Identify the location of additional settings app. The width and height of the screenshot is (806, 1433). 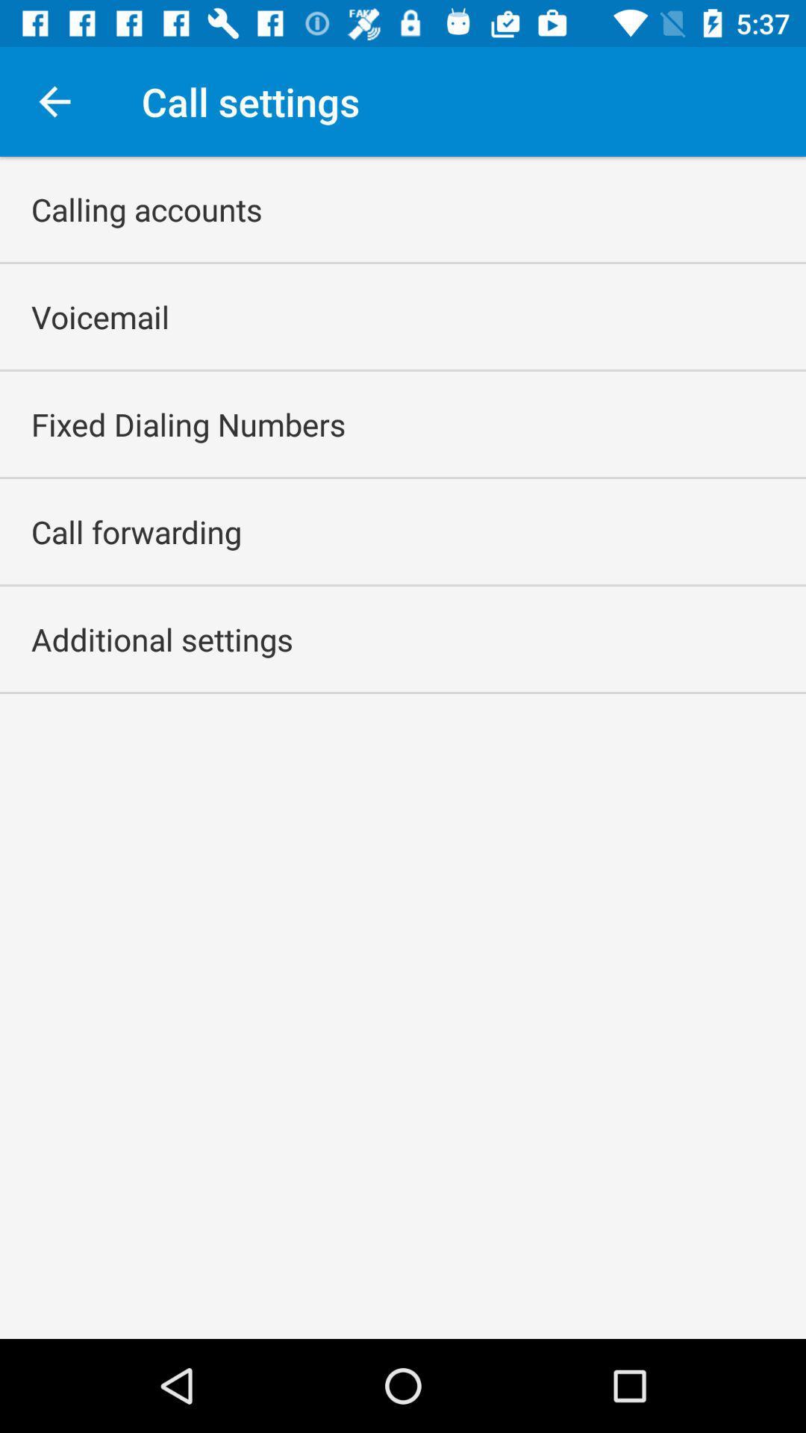
(162, 639).